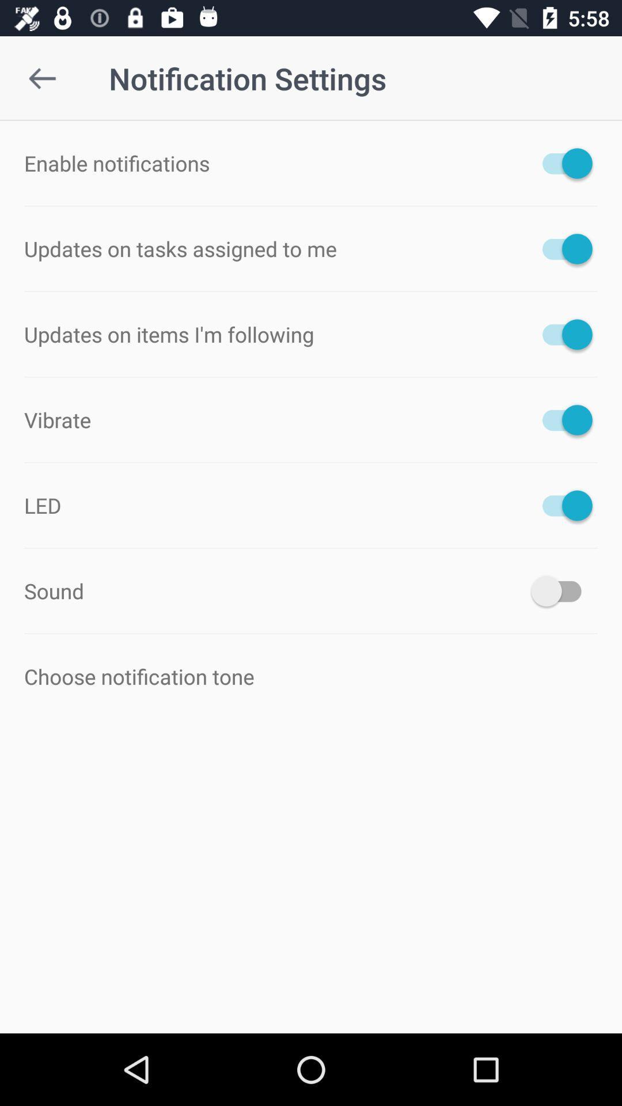  I want to click on notification on off option, so click(561, 505).